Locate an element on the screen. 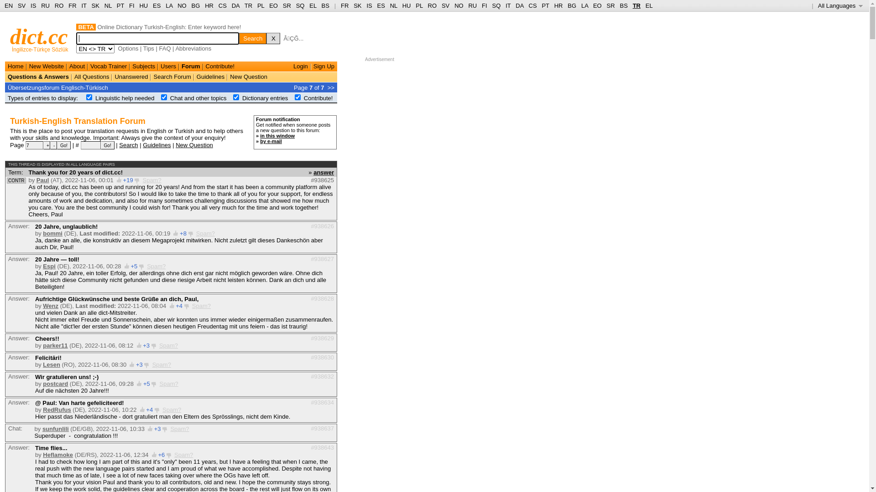 The width and height of the screenshot is (876, 492). 'RU' is located at coordinates (41, 5).